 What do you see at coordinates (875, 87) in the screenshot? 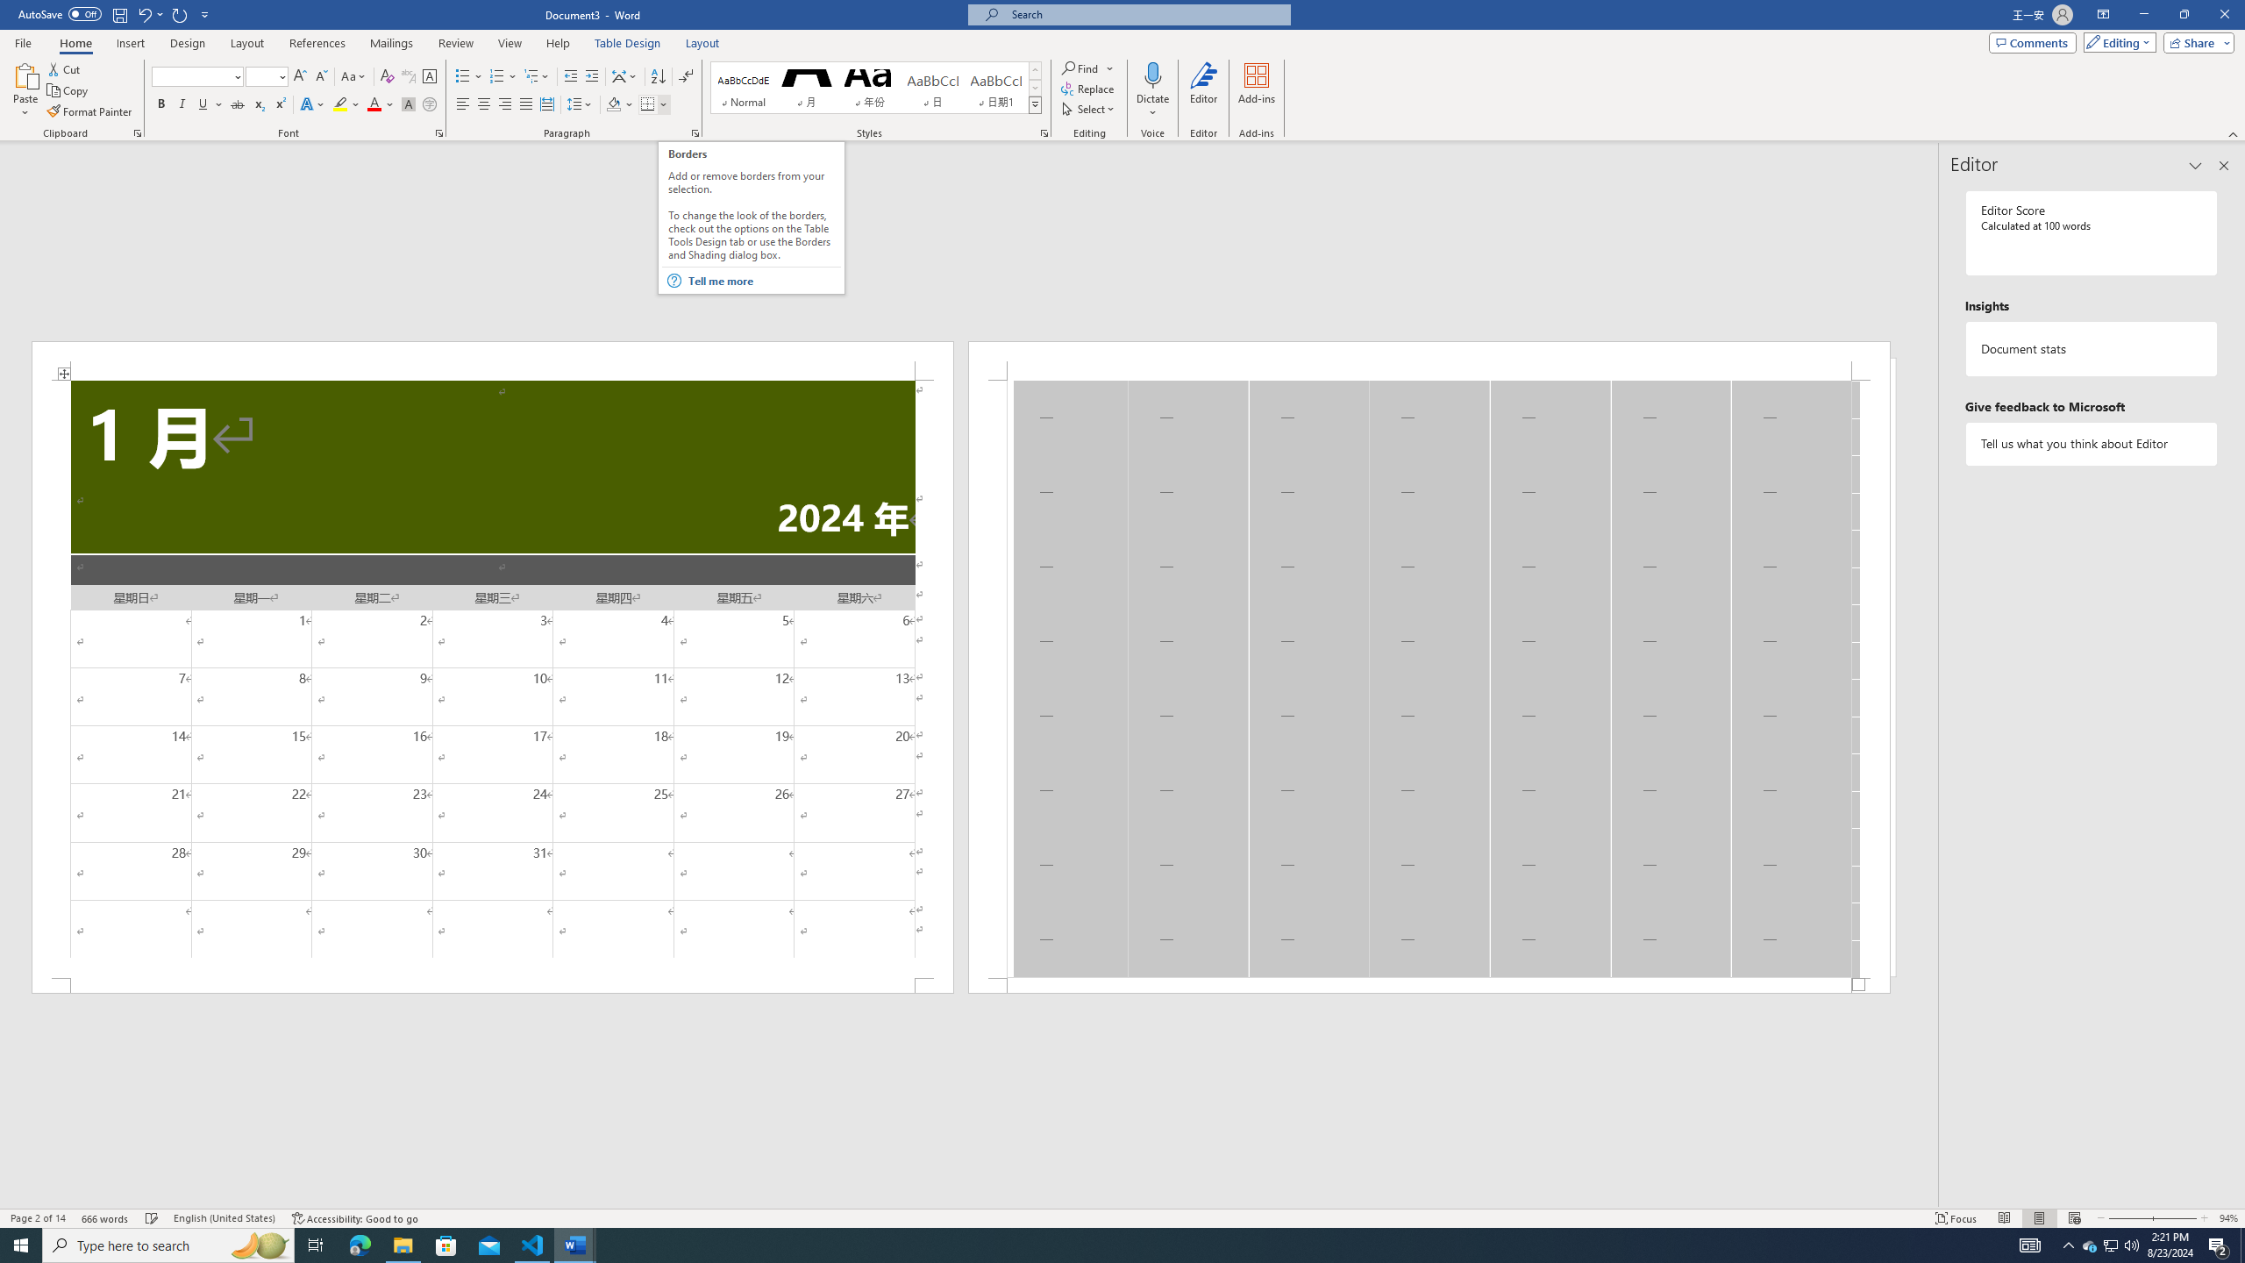
I see `'AutomationID: QuickStylesGallery'` at bounding box center [875, 87].